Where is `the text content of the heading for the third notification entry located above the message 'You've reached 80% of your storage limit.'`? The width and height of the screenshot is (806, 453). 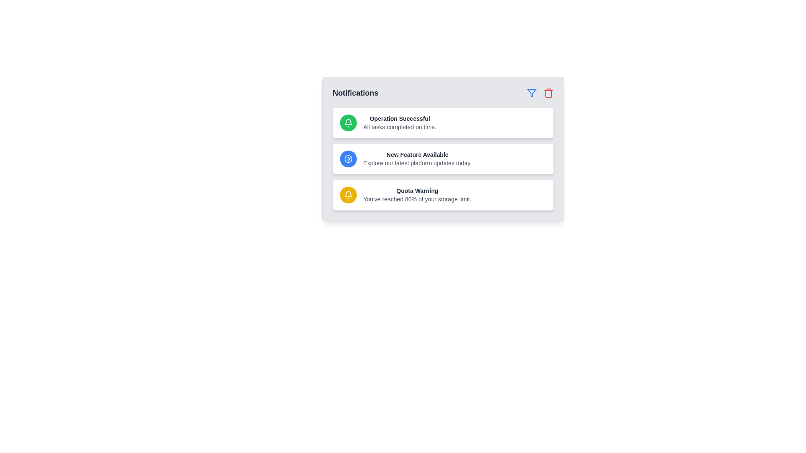
the text content of the heading for the third notification entry located above the message 'You've reached 80% of your storage limit.' is located at coordinates (417, 191).